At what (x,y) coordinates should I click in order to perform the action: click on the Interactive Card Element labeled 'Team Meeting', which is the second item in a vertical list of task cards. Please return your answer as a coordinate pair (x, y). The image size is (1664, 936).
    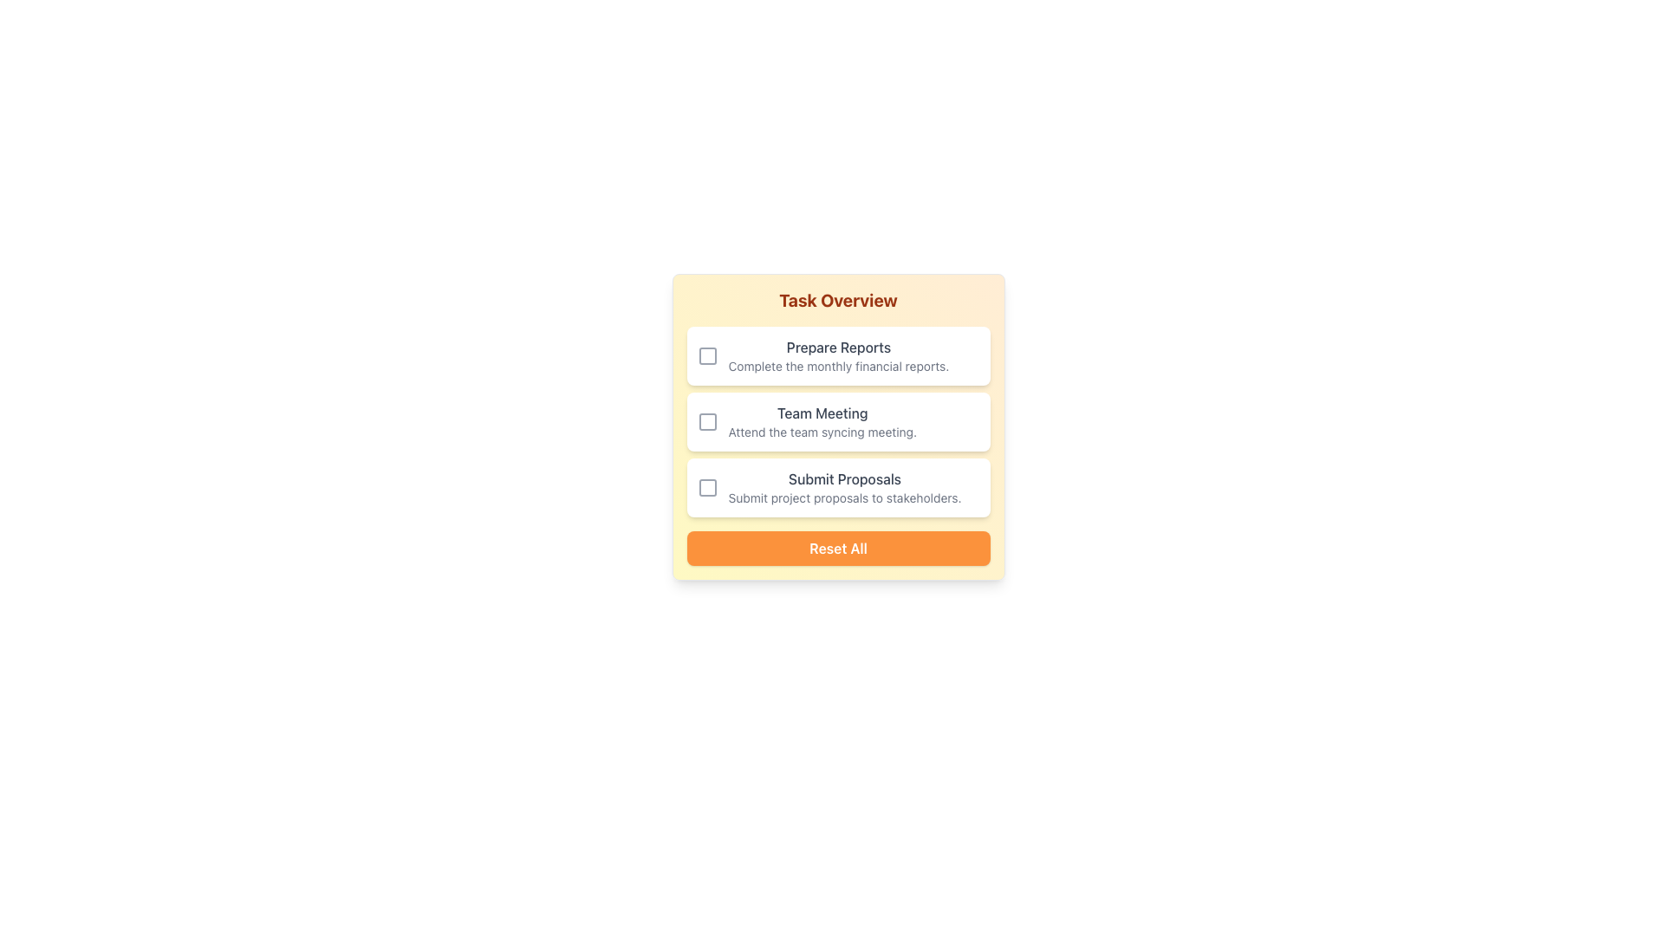
    Looking at the image, I should click on (838, 421).